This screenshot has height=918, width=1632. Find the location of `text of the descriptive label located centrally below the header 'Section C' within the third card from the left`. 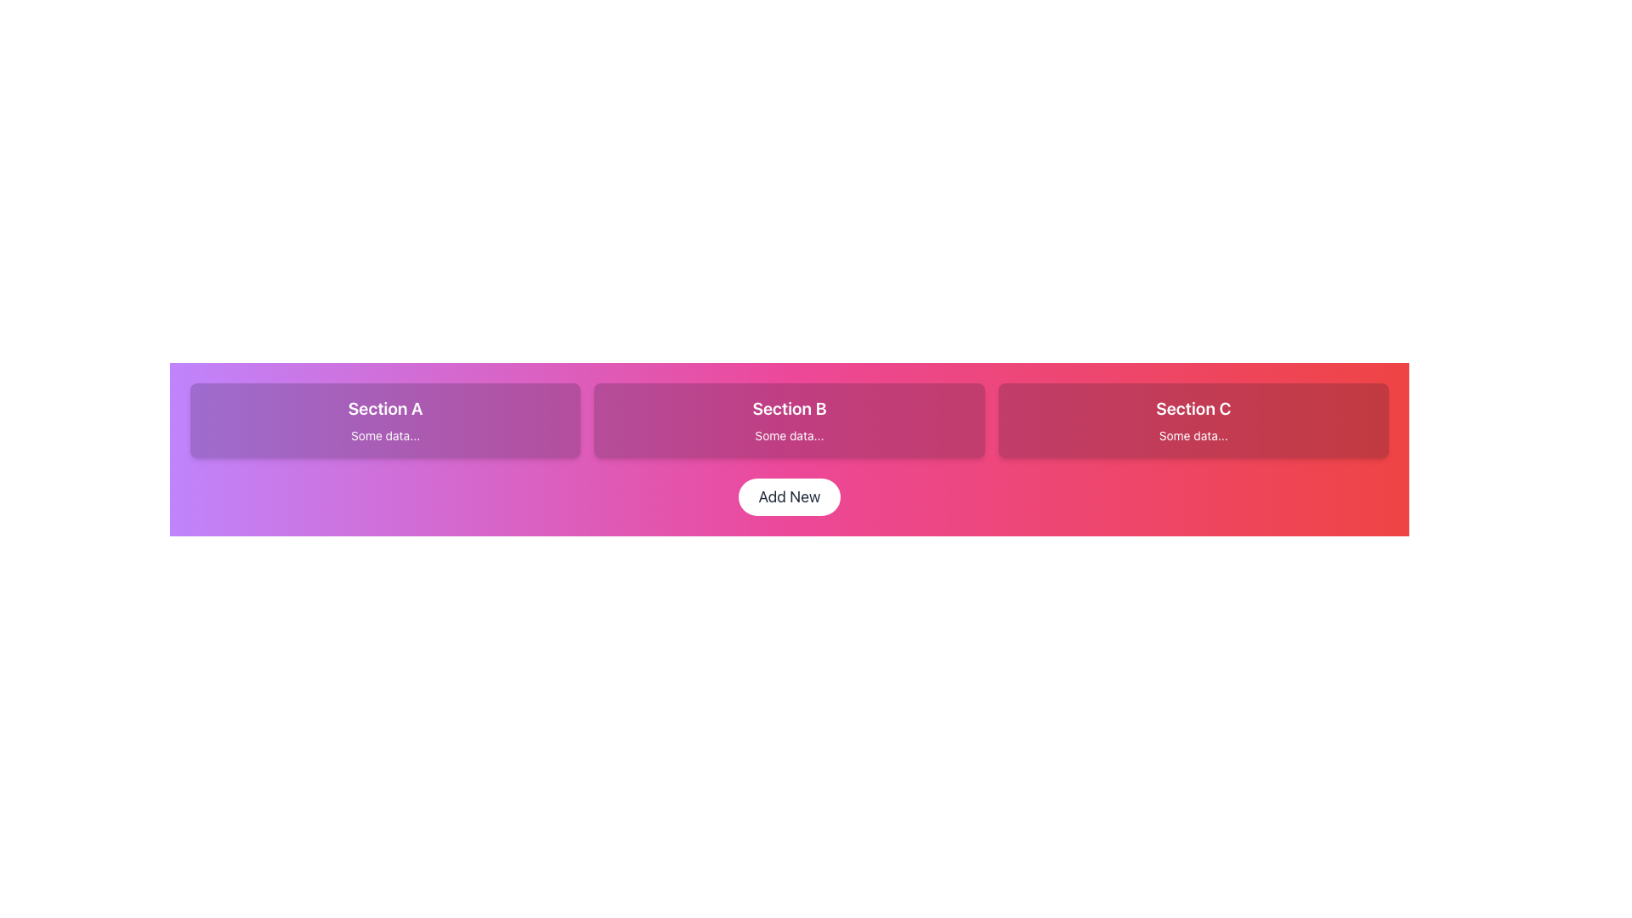

text of the descriptive label located centrally below the header 'Section C' within the third card from the left is located at coordinates (1193, 435).